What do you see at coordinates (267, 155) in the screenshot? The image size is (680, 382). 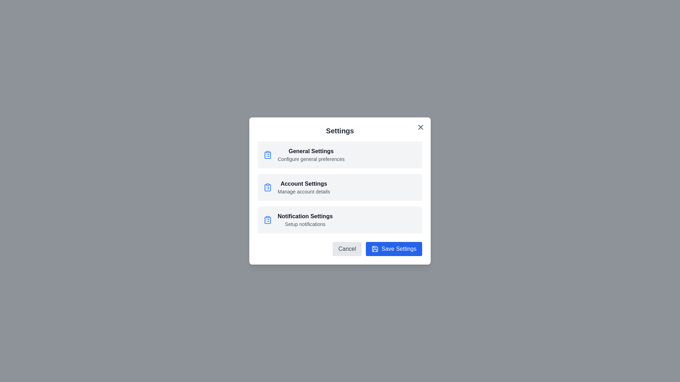 I see `the clipboard list icon located in the 'General Settings' section to interact with the preferences` at bounding box center [267, 155].